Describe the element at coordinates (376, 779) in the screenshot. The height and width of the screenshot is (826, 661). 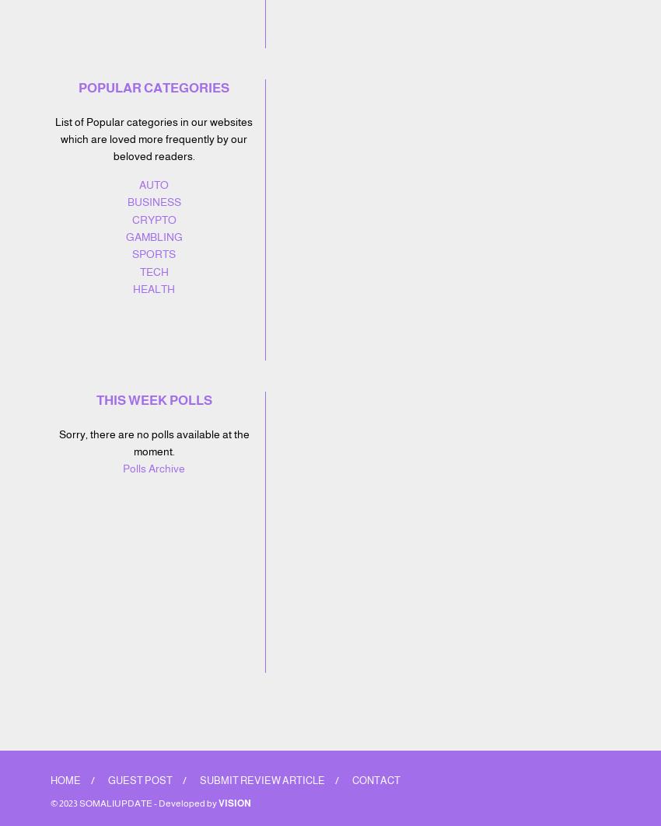
I see `'Contact'` at that location.